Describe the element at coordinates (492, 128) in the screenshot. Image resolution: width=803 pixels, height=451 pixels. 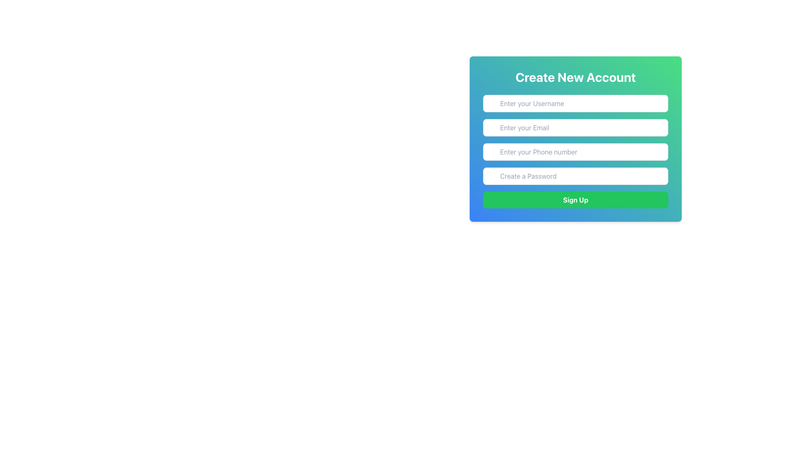
I see `the mail envelope icon located to the left of the 'Enter your Email' input field` at that location.